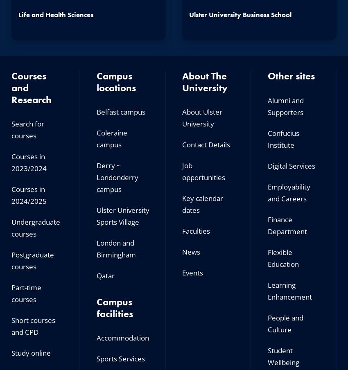 The image size is (348, 370). Describe the element at coordinates (282, 139) in the screenshot. I see `'Confucius Institute'` at that location.